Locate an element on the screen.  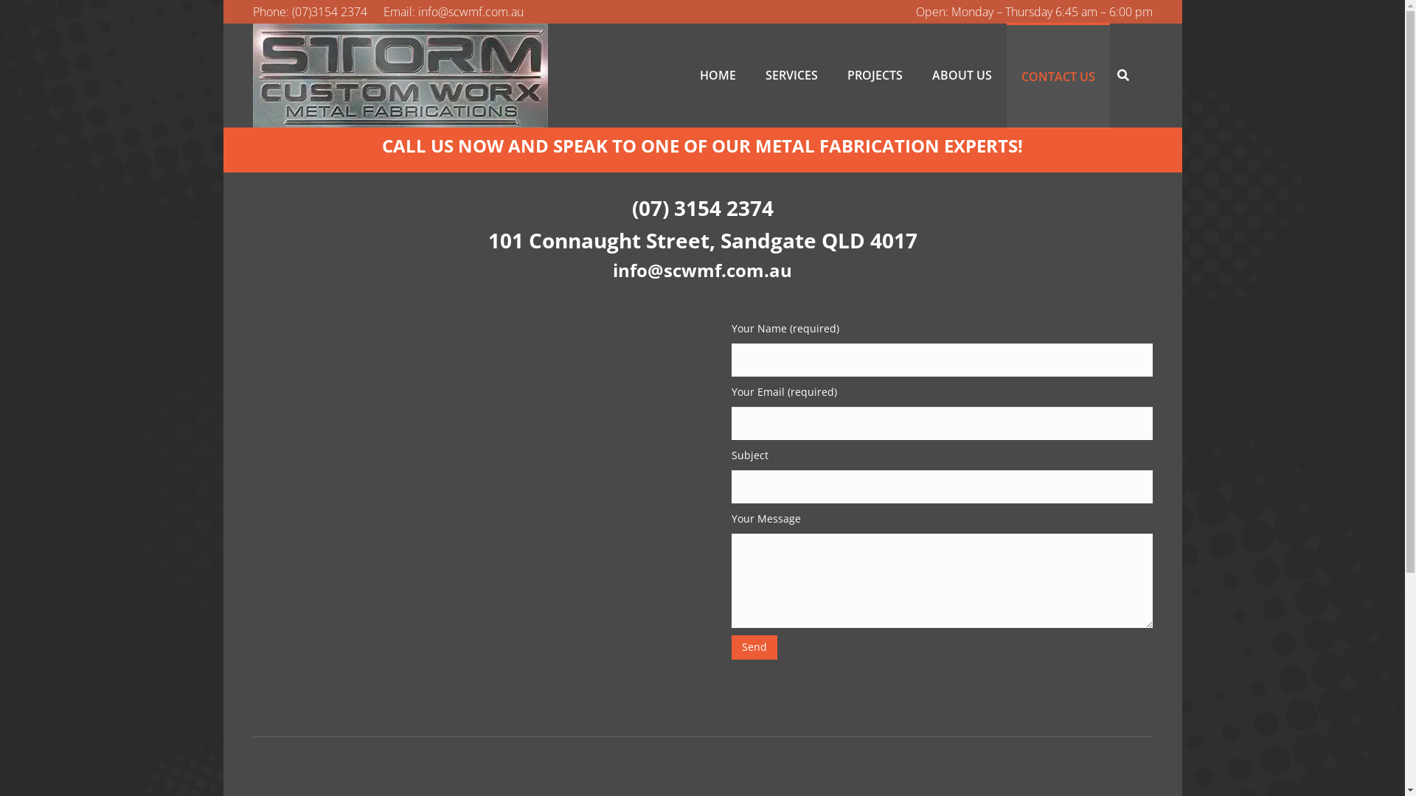
'SERVICES' is located at coordinates (791, 75).